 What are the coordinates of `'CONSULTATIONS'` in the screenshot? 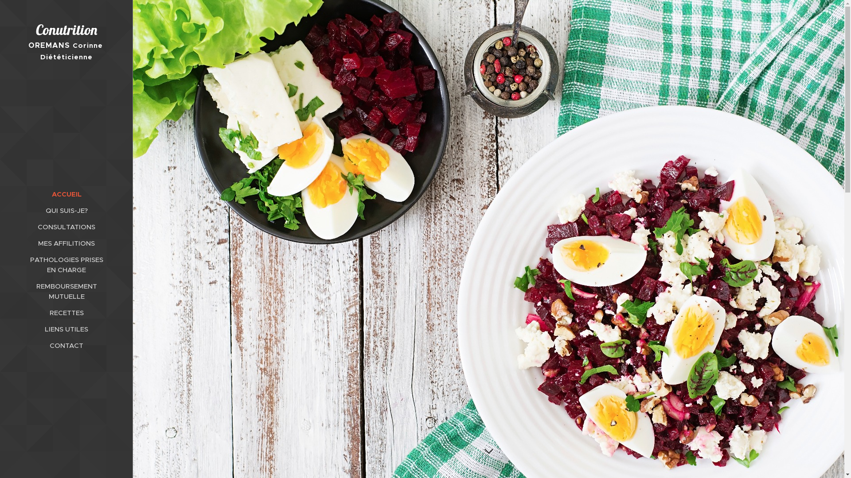 It's located at (2, 226).